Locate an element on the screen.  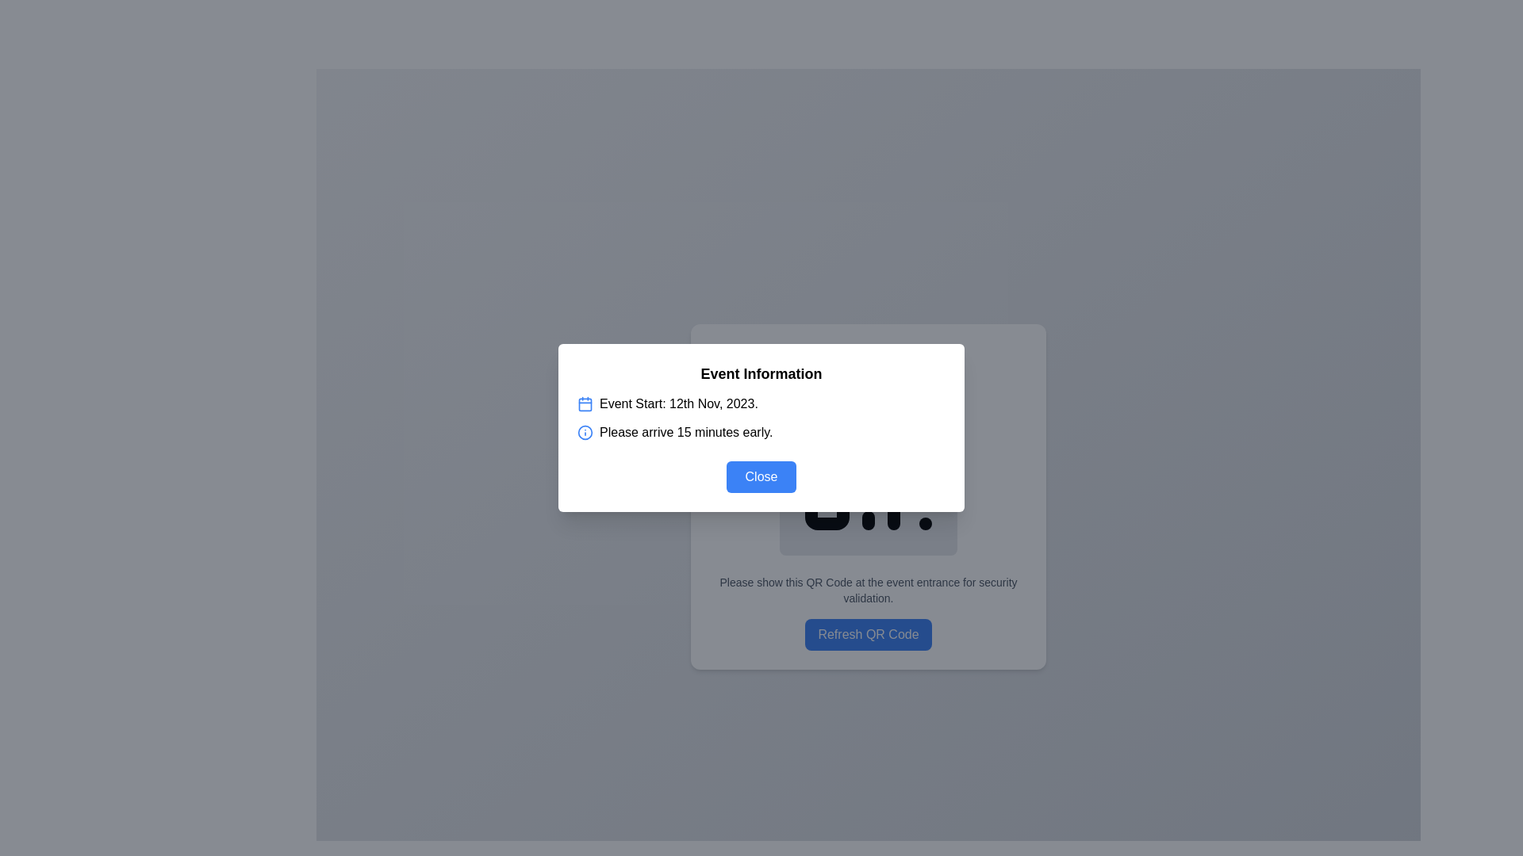
informational text component about arriving early for the event, located centrally in the 'Event Information' modal, positioned below the event start date and above the close button is located at coordinates (761, 433).